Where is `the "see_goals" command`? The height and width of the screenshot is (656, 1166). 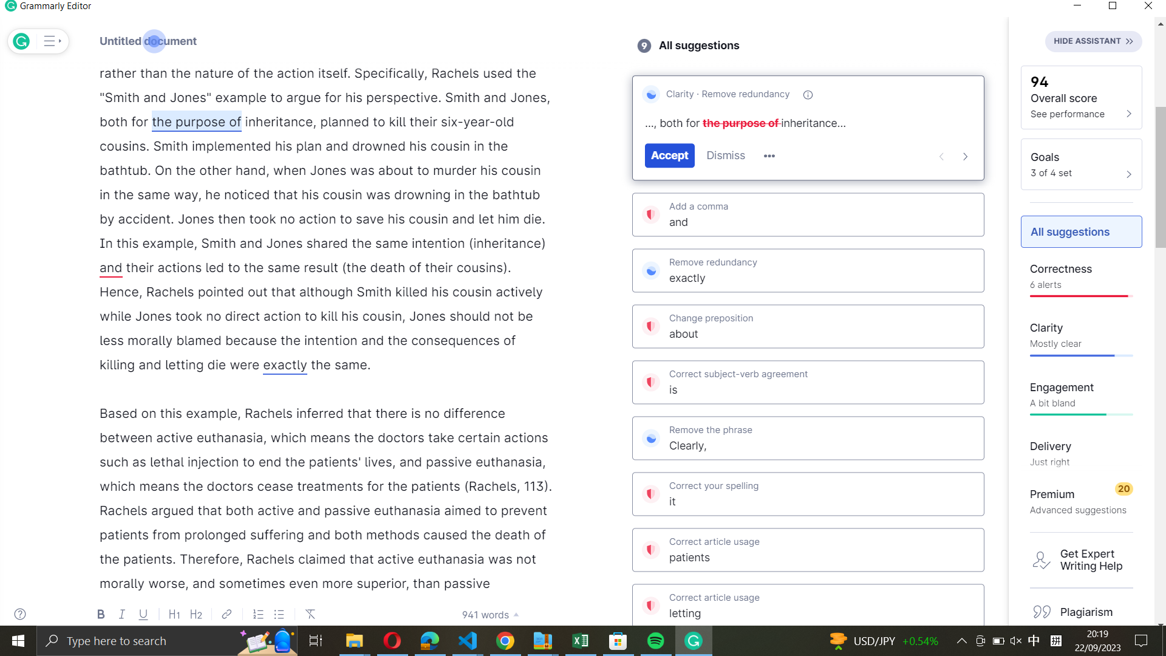
the "see_goals" command is located at coordinates (1081, 163).